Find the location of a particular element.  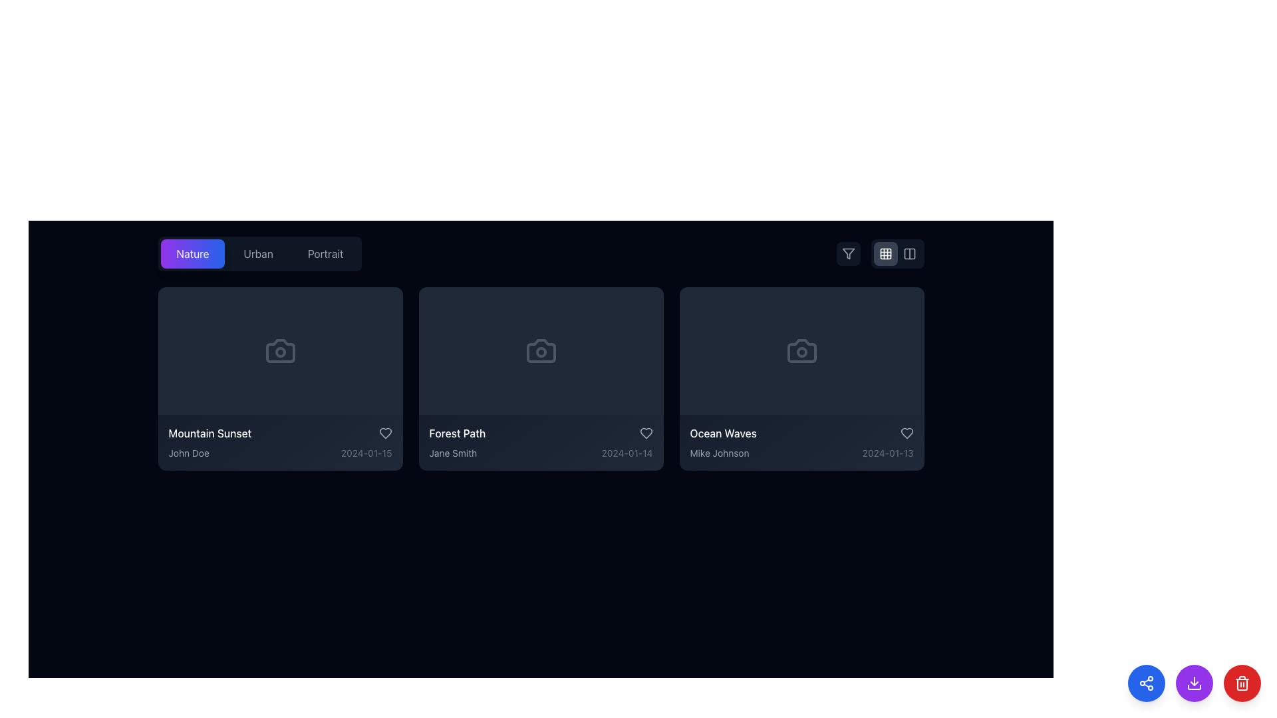

the last button on the right in the top-right section of the interface is located at coordinates (909, 253).